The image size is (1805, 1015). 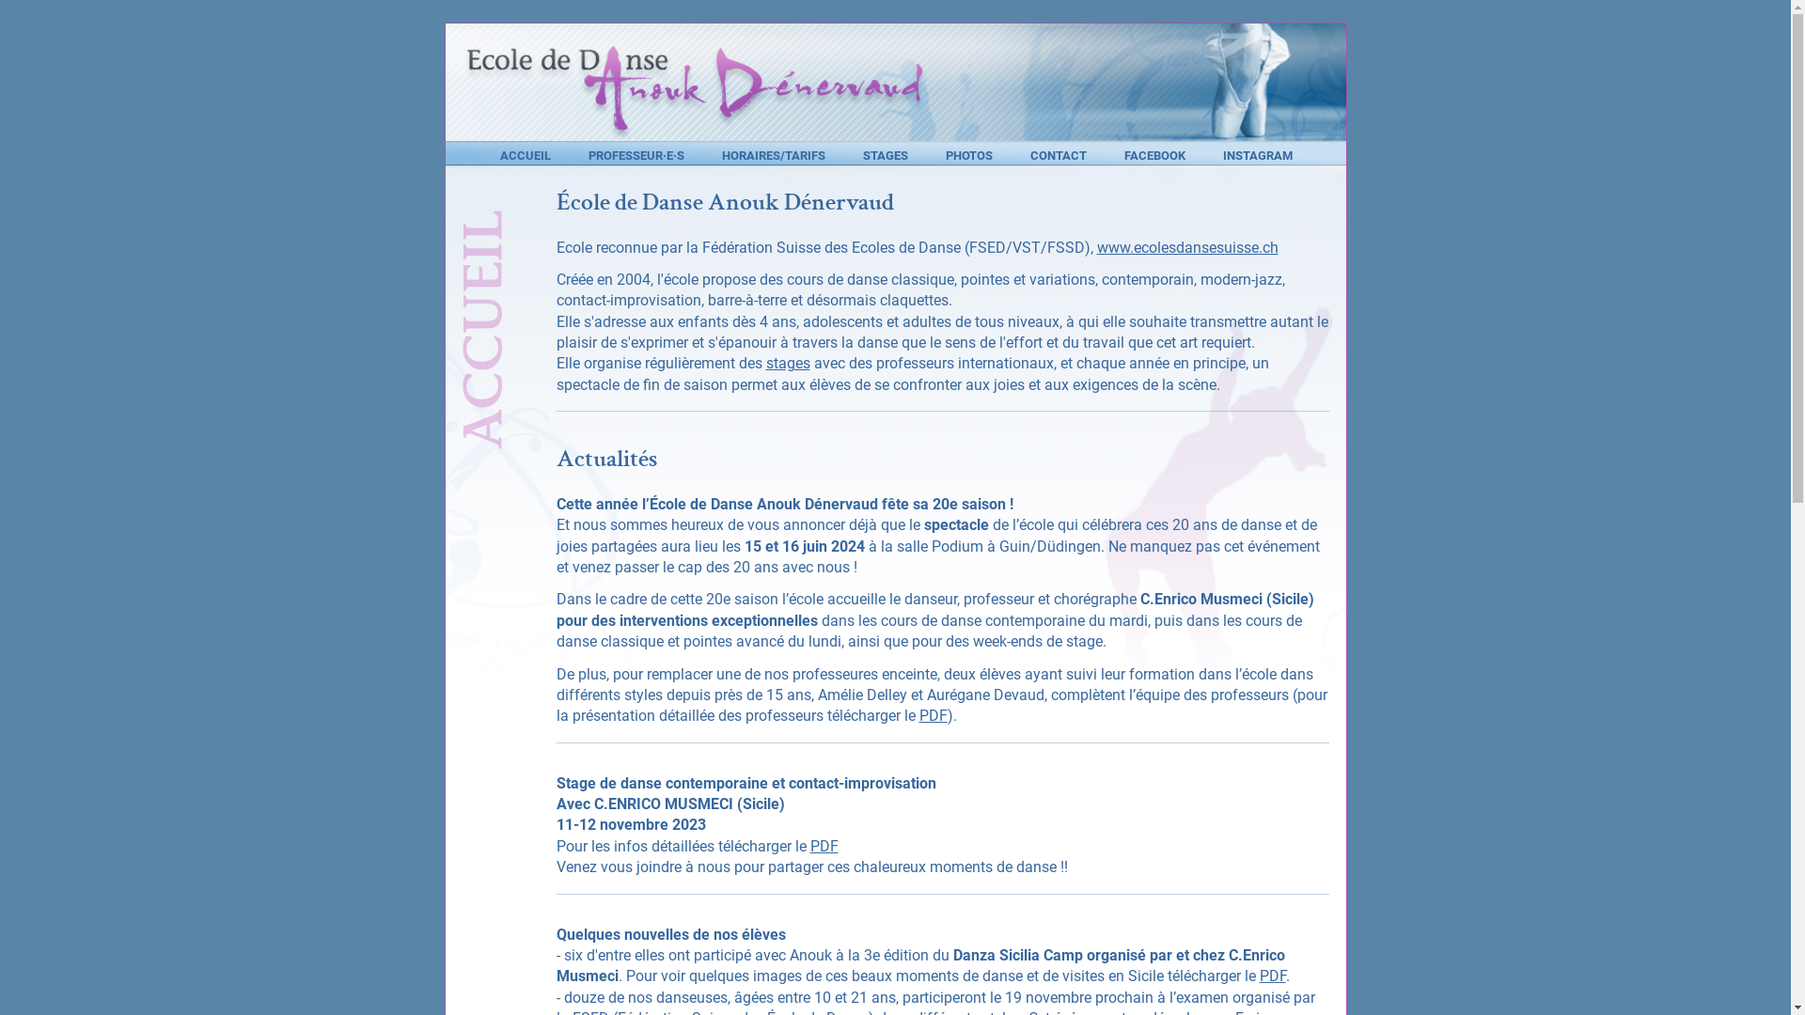 I want to click on 'INSTAGRAM', so click(x=1257, y=154).